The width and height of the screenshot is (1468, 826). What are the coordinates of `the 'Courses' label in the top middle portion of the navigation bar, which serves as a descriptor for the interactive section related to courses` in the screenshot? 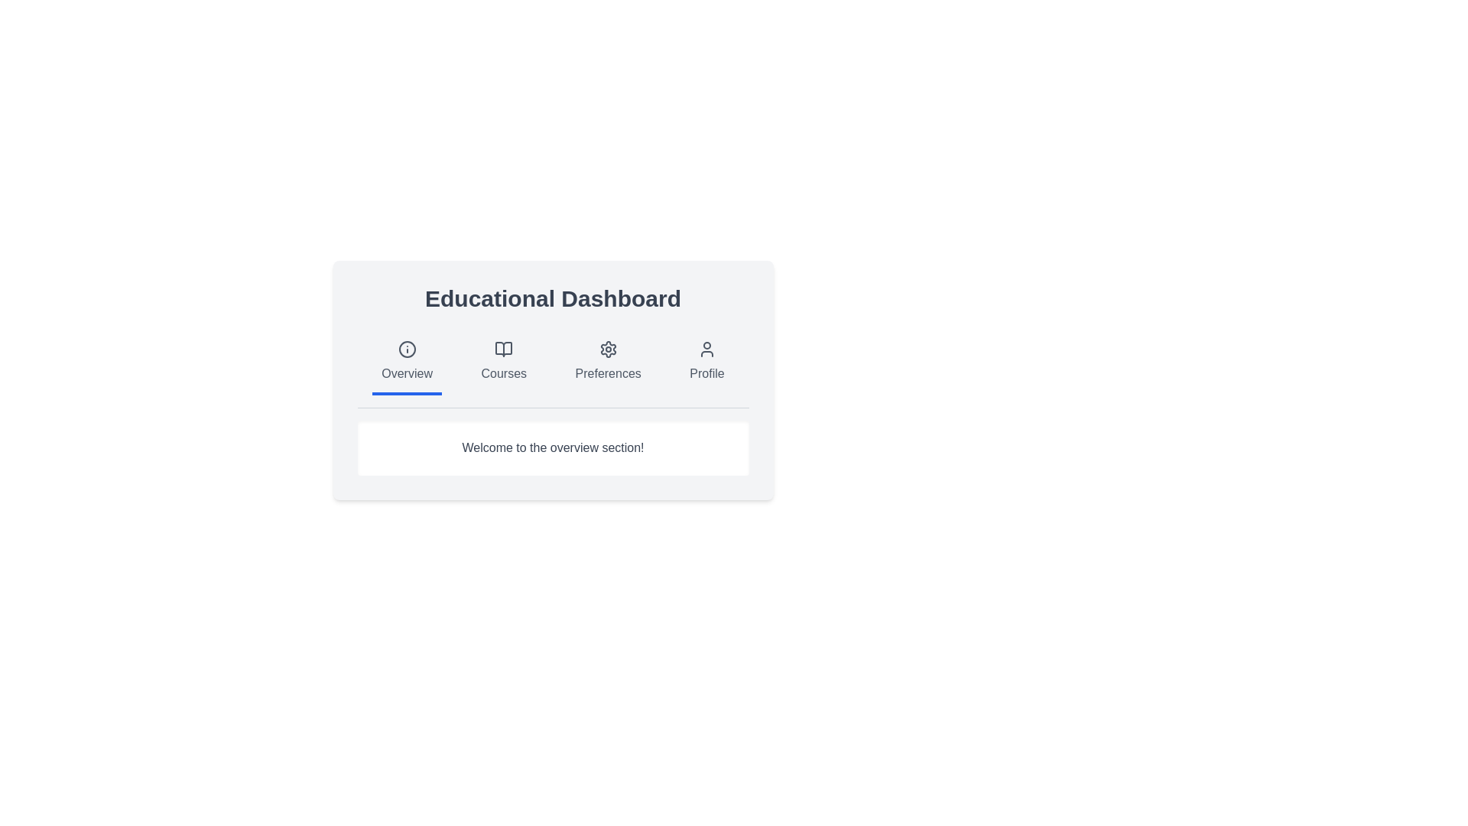 It's located at (504, 374).